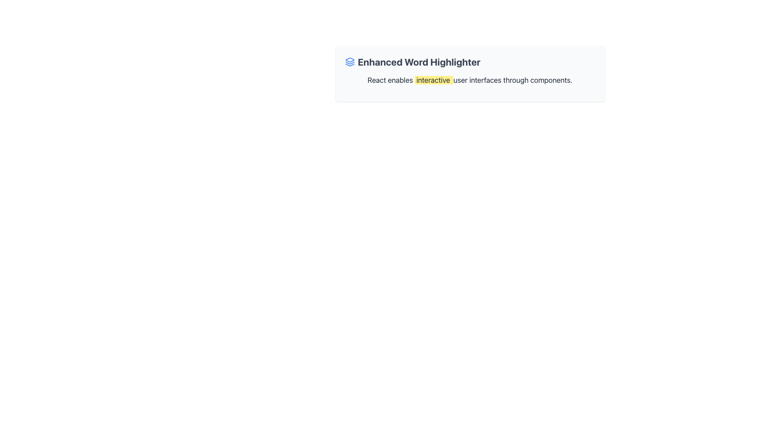 The image size is (769, 432). I want to click on the bold black text label 'React', so click(377, 80).